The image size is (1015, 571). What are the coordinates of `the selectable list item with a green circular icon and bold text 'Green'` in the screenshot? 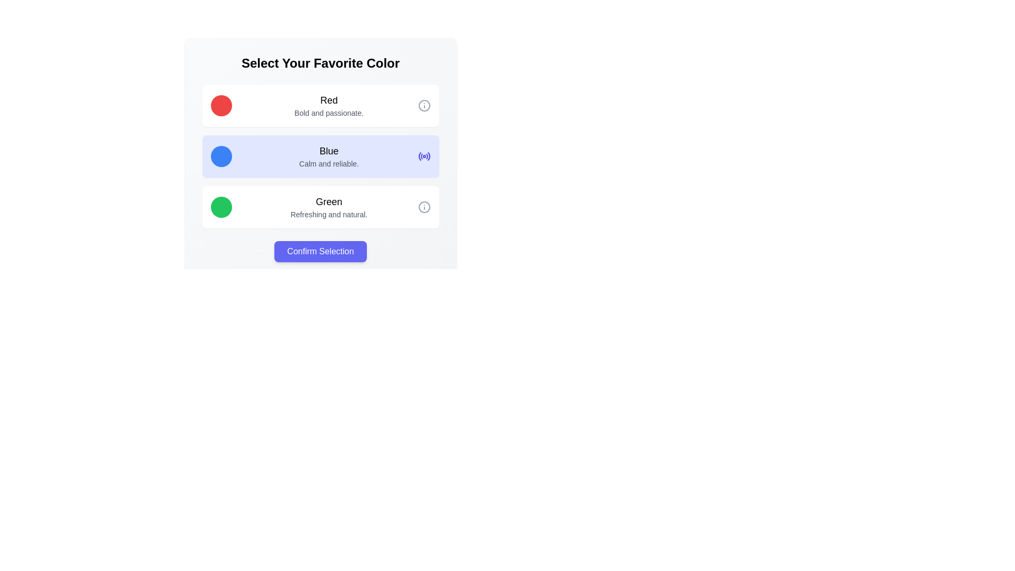 It's located at (320, 207).